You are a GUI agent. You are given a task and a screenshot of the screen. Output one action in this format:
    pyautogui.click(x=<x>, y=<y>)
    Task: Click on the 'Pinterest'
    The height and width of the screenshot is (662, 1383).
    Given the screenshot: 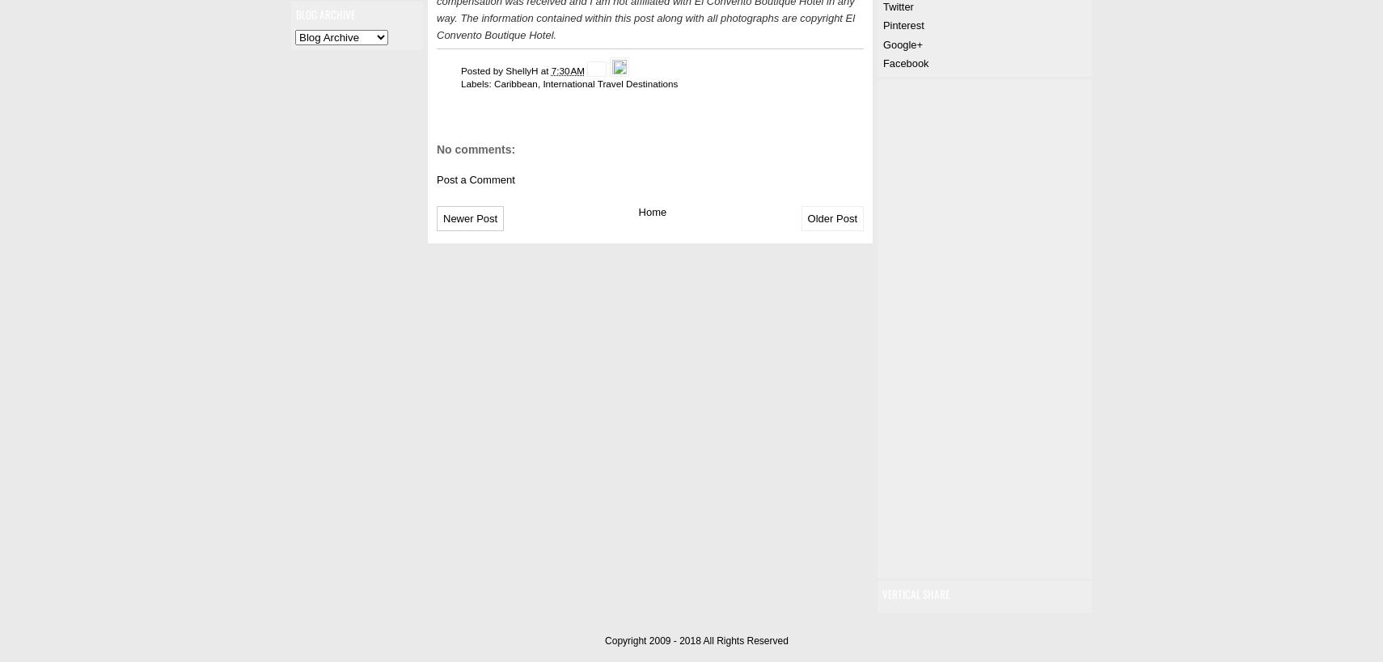 What is the action you would take?
    pyautogui.click(x=902, y=24)
    